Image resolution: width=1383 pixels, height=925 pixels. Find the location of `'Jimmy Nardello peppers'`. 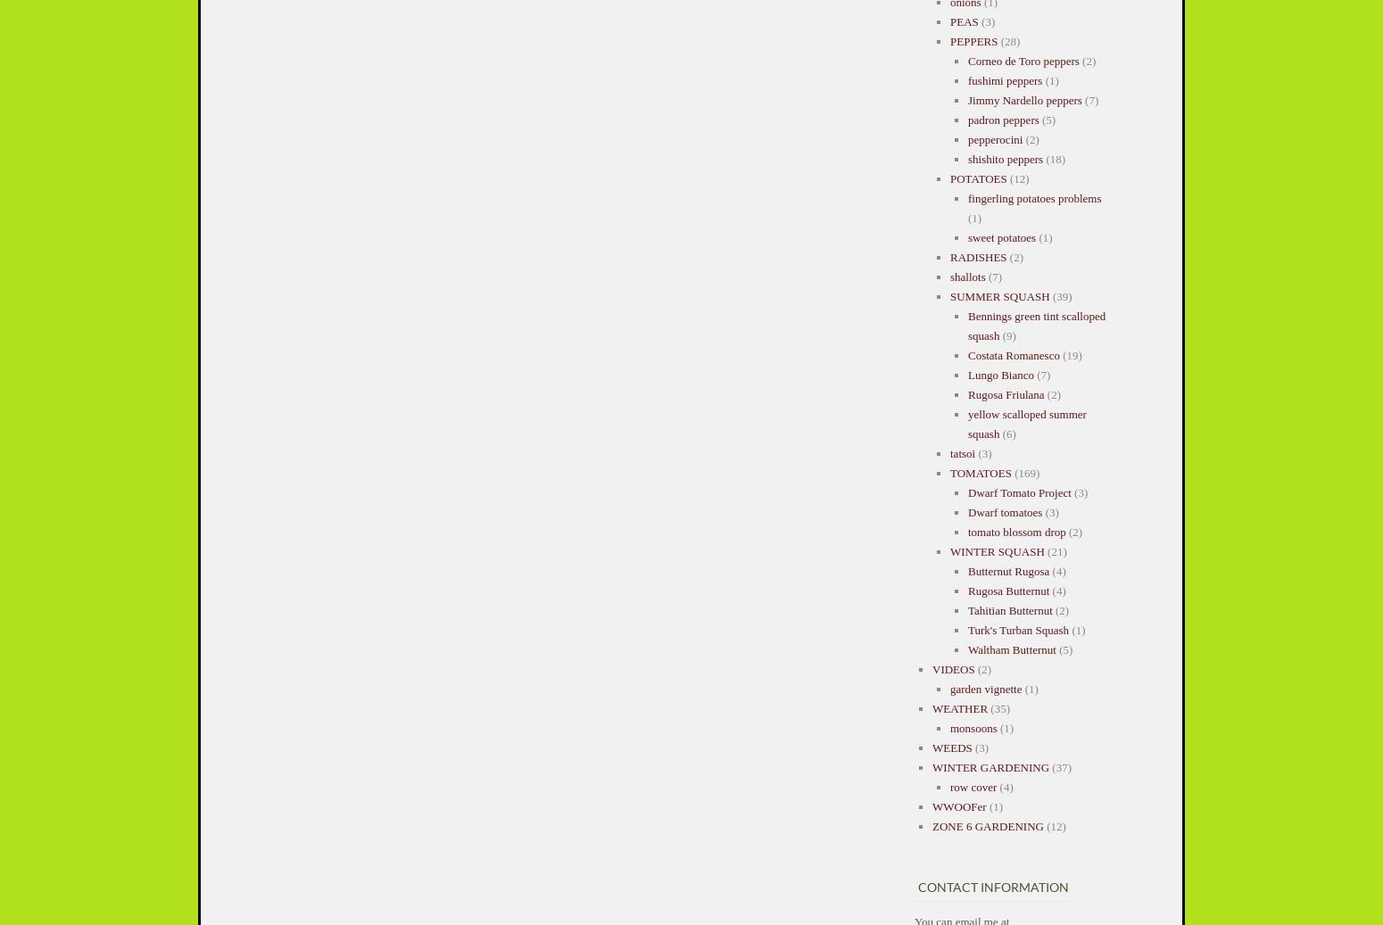

'Jimmy Nardello peppers' is located at coordinates (1023, 99).